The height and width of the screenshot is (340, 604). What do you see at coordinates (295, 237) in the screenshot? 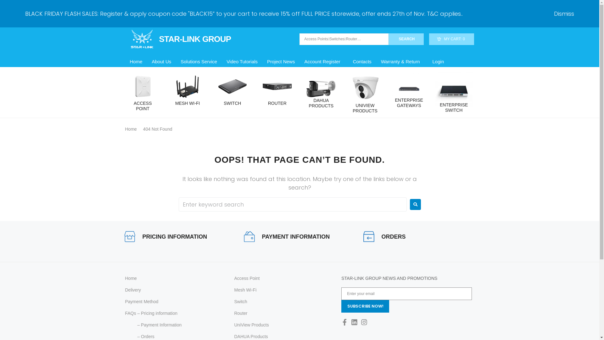
I see `'PAYMENT INFORMATION'` at bounding box center [295, 237].